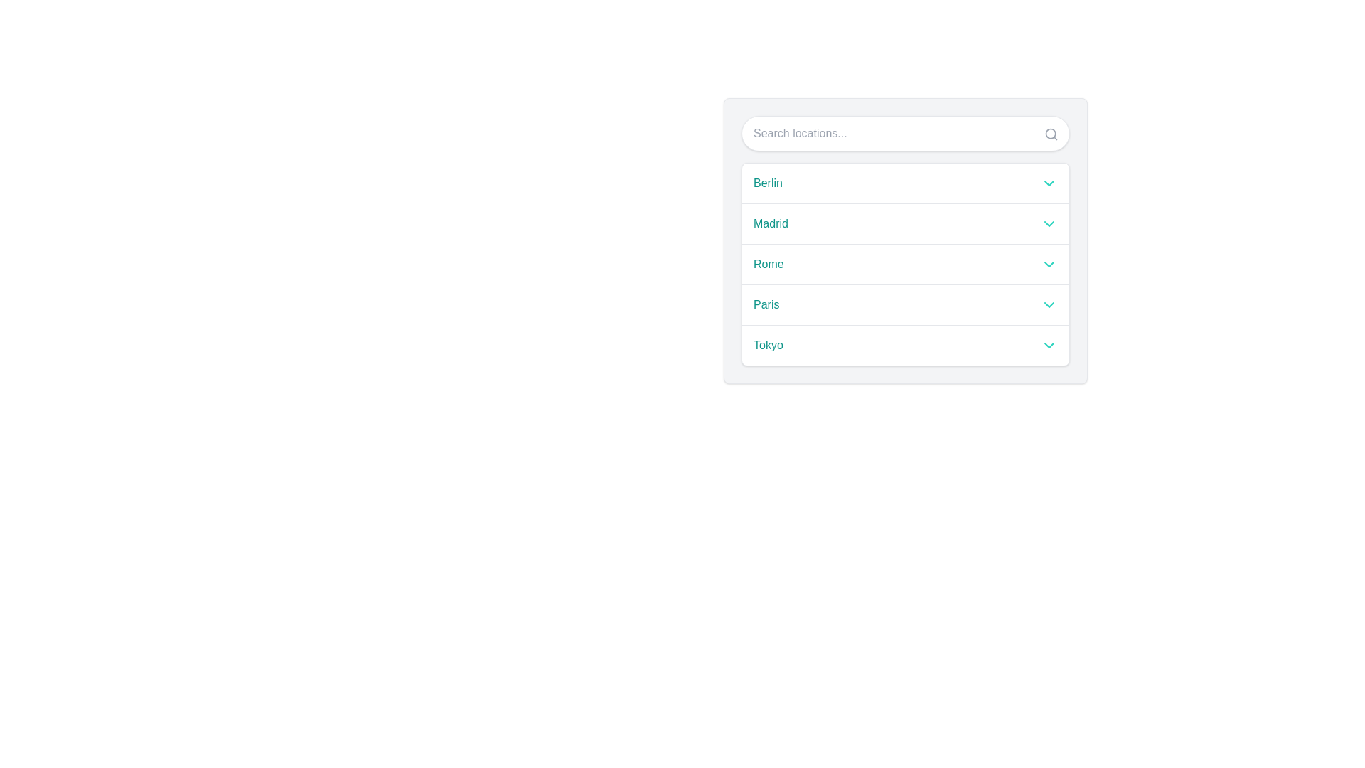  I want to click on the text label displaying 'Rome', so click(768, 264).